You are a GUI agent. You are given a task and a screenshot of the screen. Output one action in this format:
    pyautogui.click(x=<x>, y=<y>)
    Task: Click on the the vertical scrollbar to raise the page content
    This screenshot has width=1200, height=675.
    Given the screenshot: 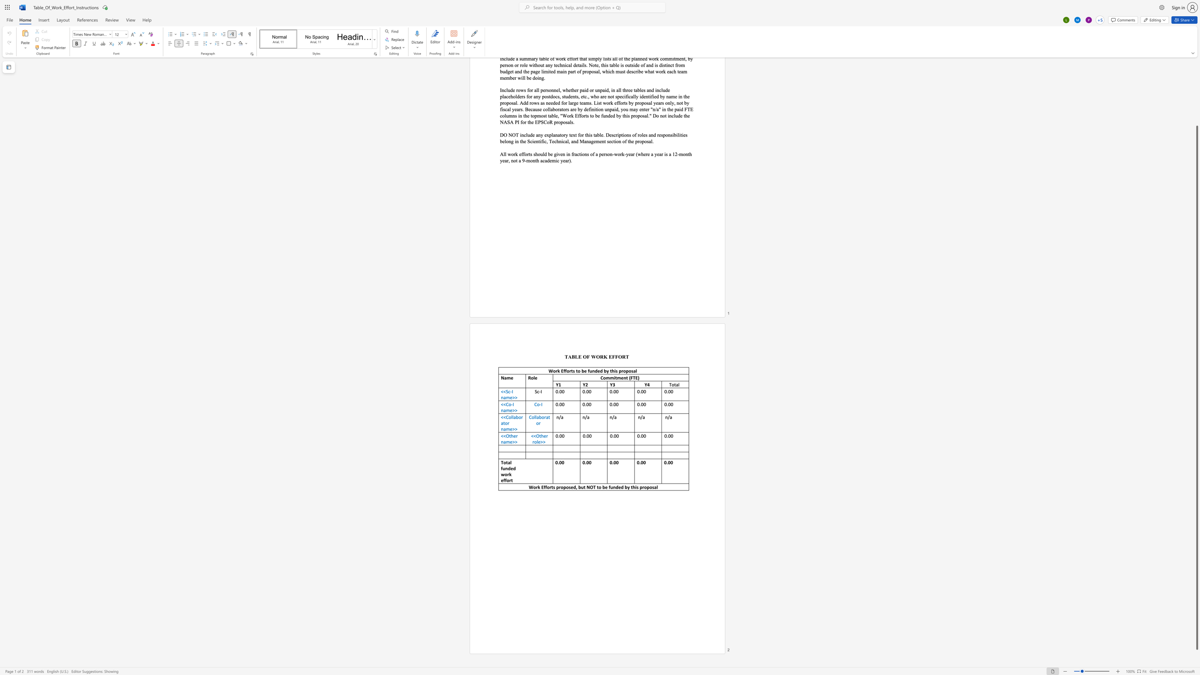 What is the action you would take?
    pyautogui.click(x=1196, y=90)
    